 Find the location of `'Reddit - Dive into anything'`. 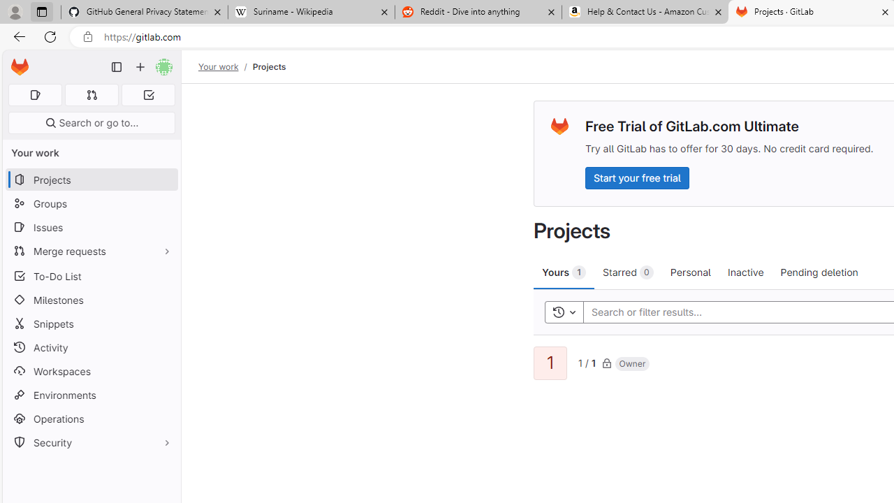

'Reddit - Dive into anything' is located at coordinates (478, 12).